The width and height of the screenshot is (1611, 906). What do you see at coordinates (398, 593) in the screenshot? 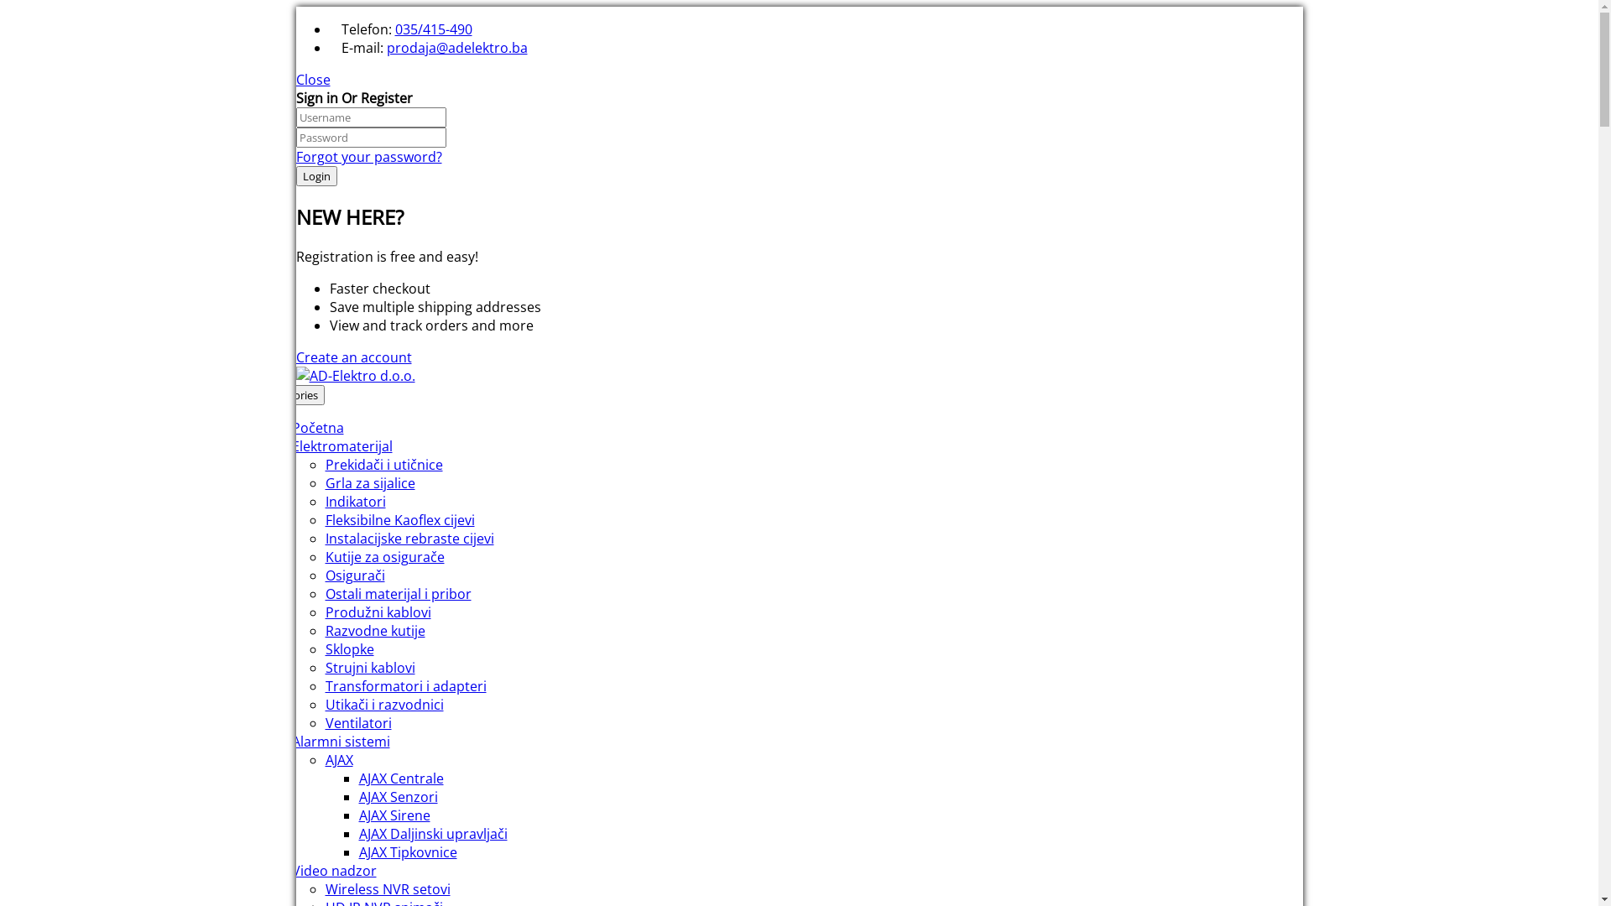
I see `'Ostali materijal i pribor'` at bounding box center [398, 593].